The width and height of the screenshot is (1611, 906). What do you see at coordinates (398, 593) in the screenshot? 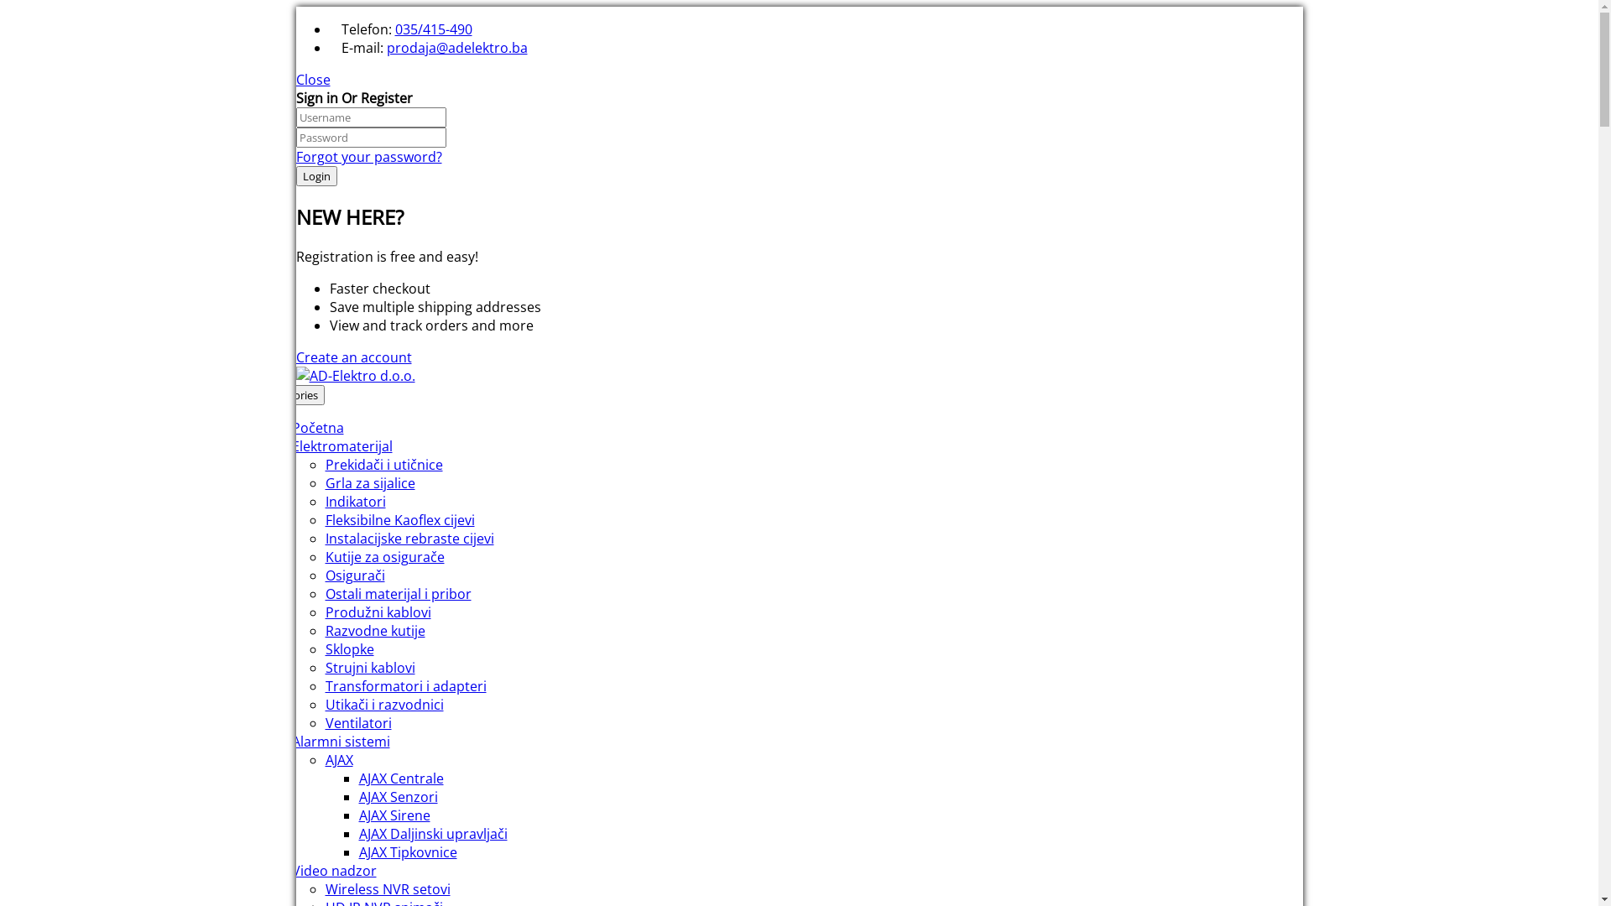
I see `'Ostali materijal i pribor'` at bounding box center [398, 593].